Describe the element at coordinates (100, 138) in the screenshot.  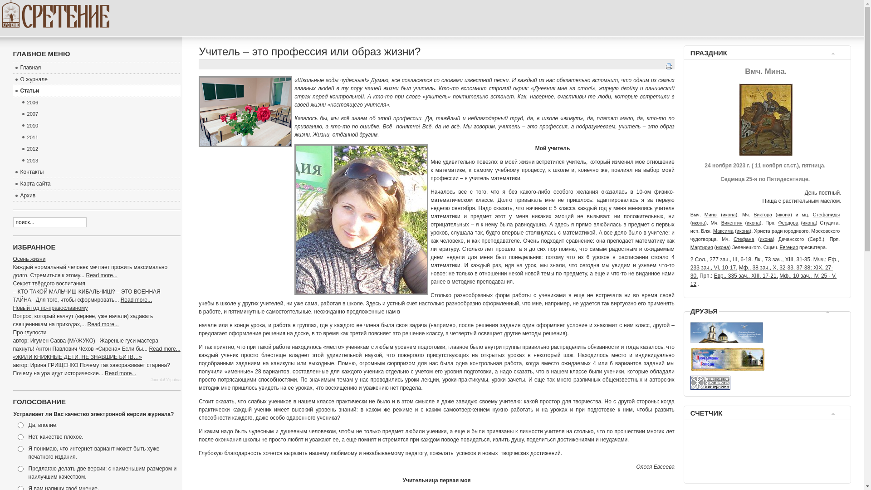
I see `'2011'` at that location.